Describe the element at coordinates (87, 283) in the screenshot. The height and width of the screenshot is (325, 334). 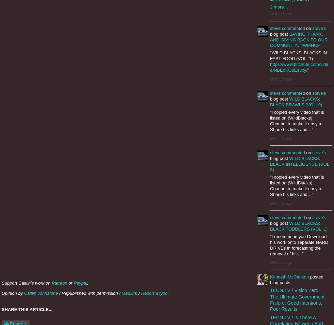
I see `'.'` at that location.